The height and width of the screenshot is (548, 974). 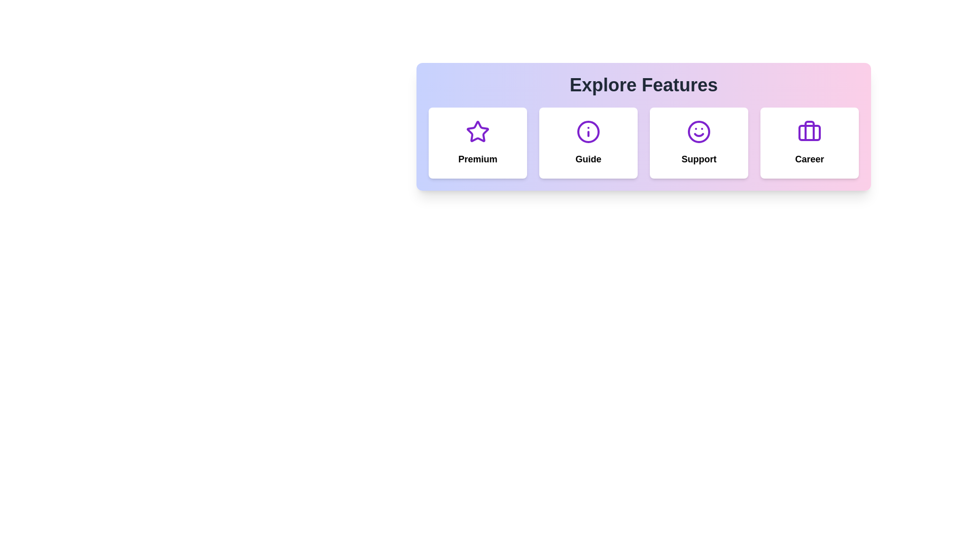 What do you see at coordinates (698, 131) in the screenshot?
I see `the 'Support' icon located in the third feature block, positioned between the 'Guide' icon on the left and the 'Career' icon on the right` at bounding box center [698, 131].